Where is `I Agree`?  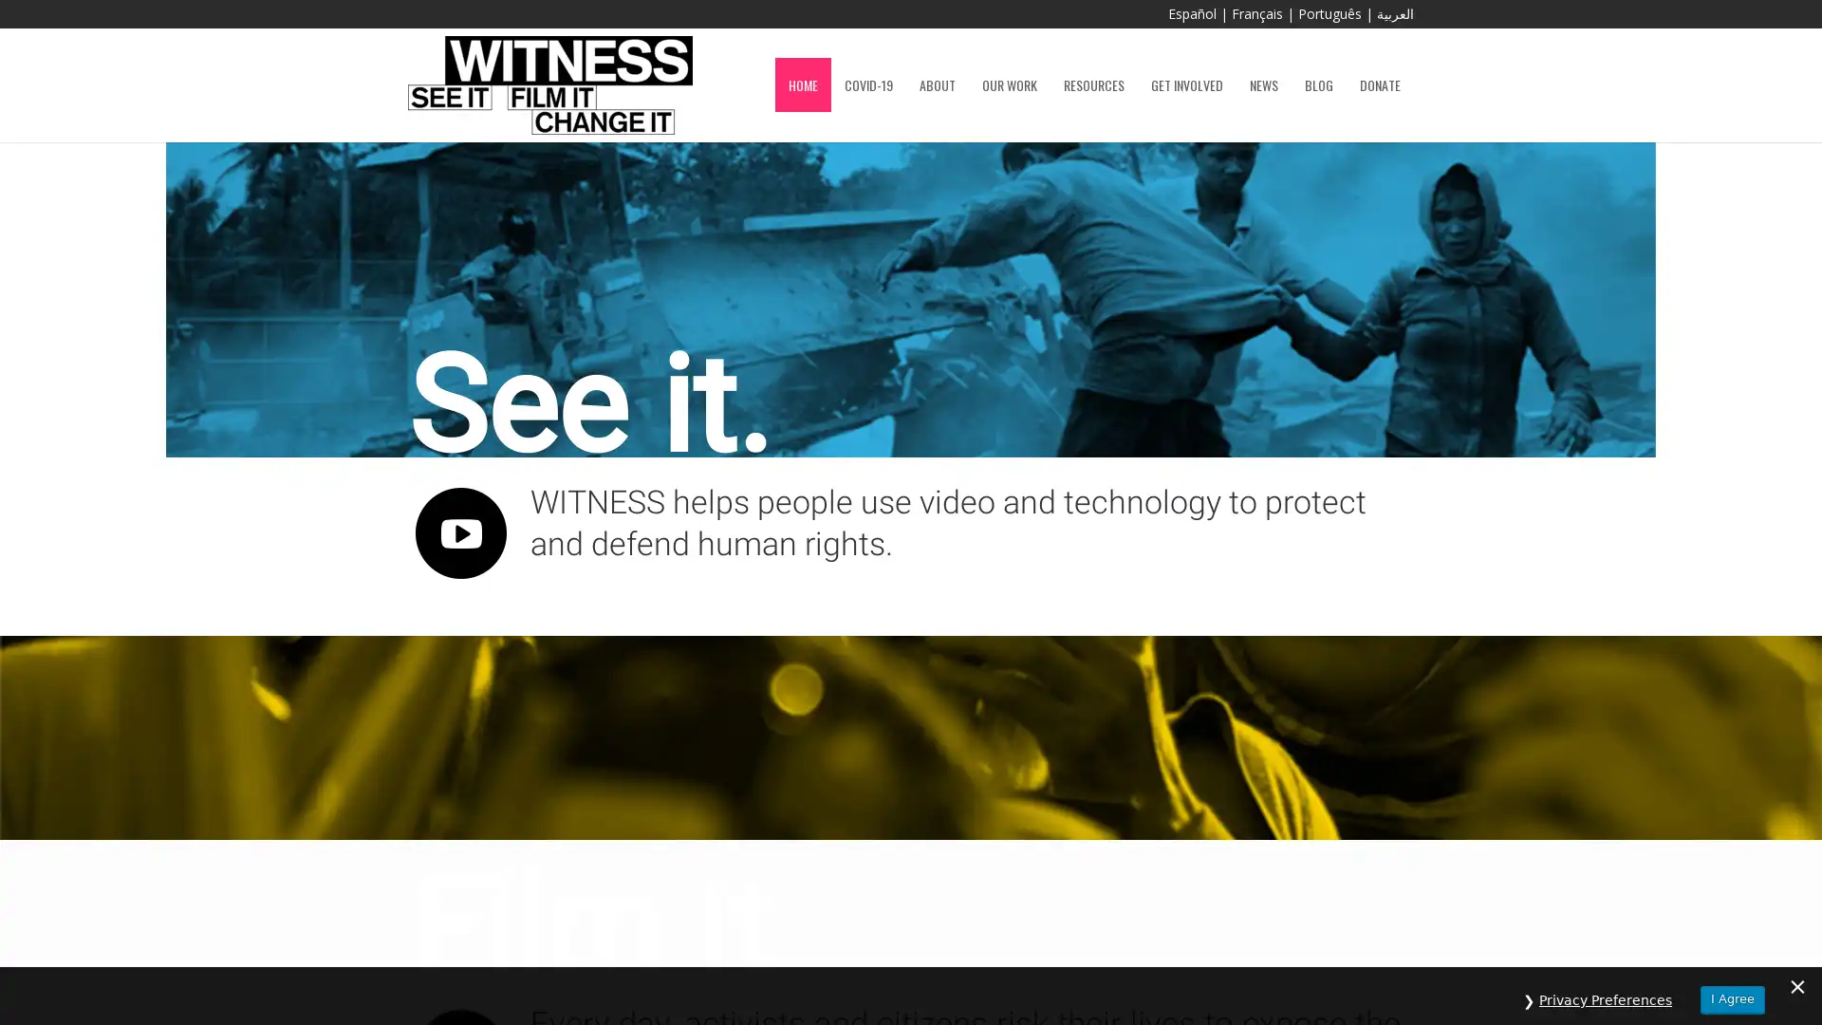
I Agree is located at coordinates (1732, 989).